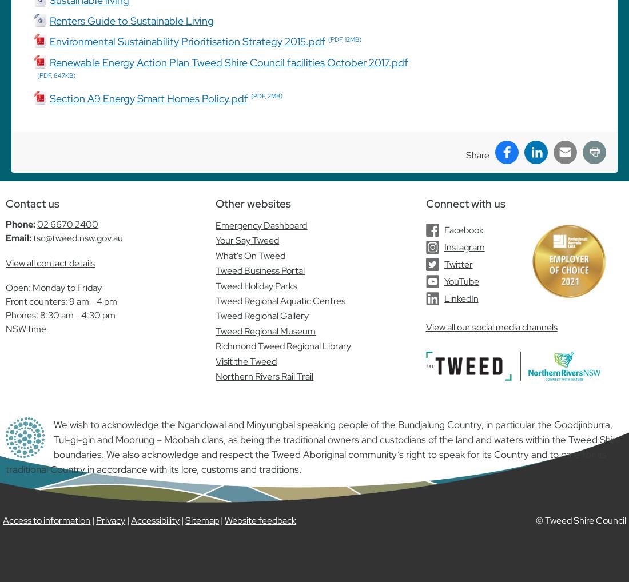  What do you see at coordinates (5, 262) in the screenshot?
I see `'View all contact details'` at bounding box center [5, 262].